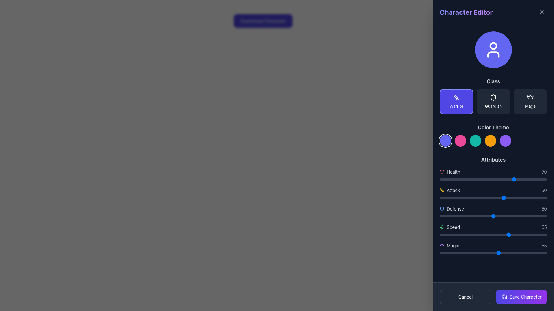  What do you see at coordinates (493, 97) in the screenshot?
I see `the shield-shaped icon button representing the 'Guardian' class` at bounding box center [493, 97].